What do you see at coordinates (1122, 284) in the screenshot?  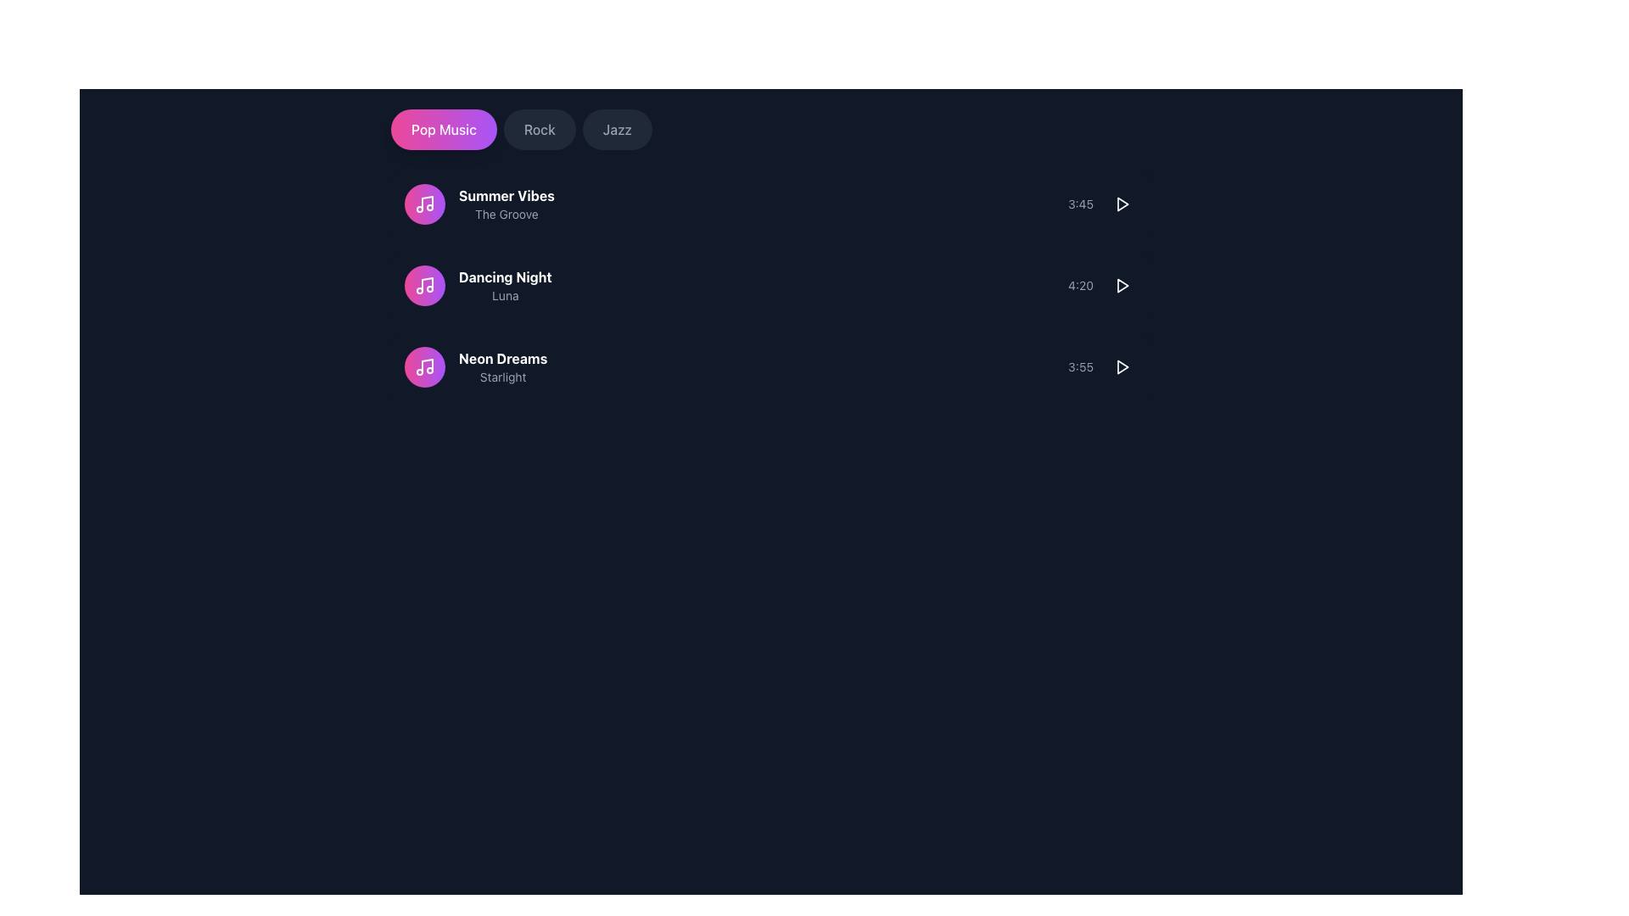 I see `the circular play button with a white icon on a dark background to initiate playback` at bounding box center [1122, 284].